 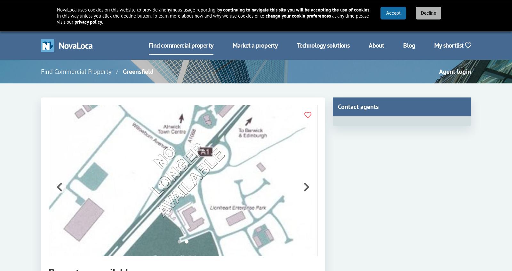 I want to click on 'by continuing to navigate this site you will be accepting the use of cookies', so click(x=293, y=9).